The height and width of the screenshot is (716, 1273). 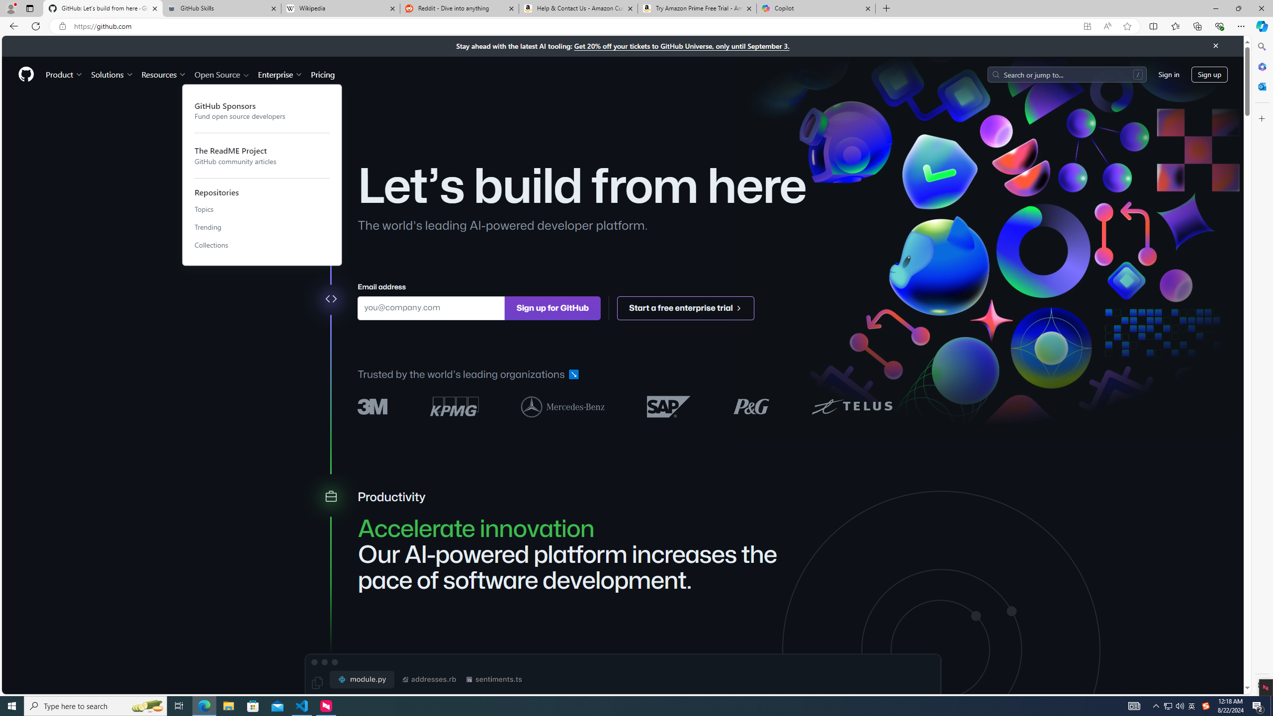 What do you see at coordinates (341, 8) in the screenshot?
I see `'Wikipedia'` at bounding box center [341, 8].